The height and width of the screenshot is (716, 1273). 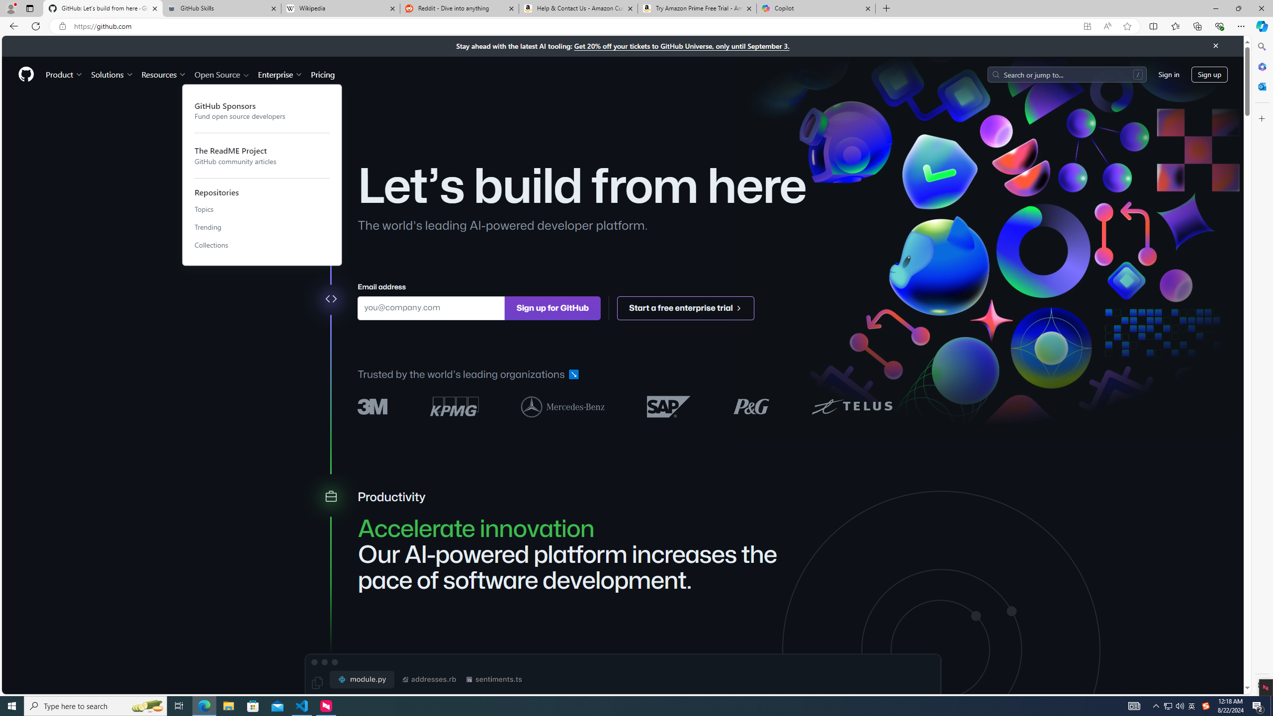 What do you see at coordinates (341, 8) in the screenshot?
I see `'Wikipedia'` at bounding box center [341, 8].